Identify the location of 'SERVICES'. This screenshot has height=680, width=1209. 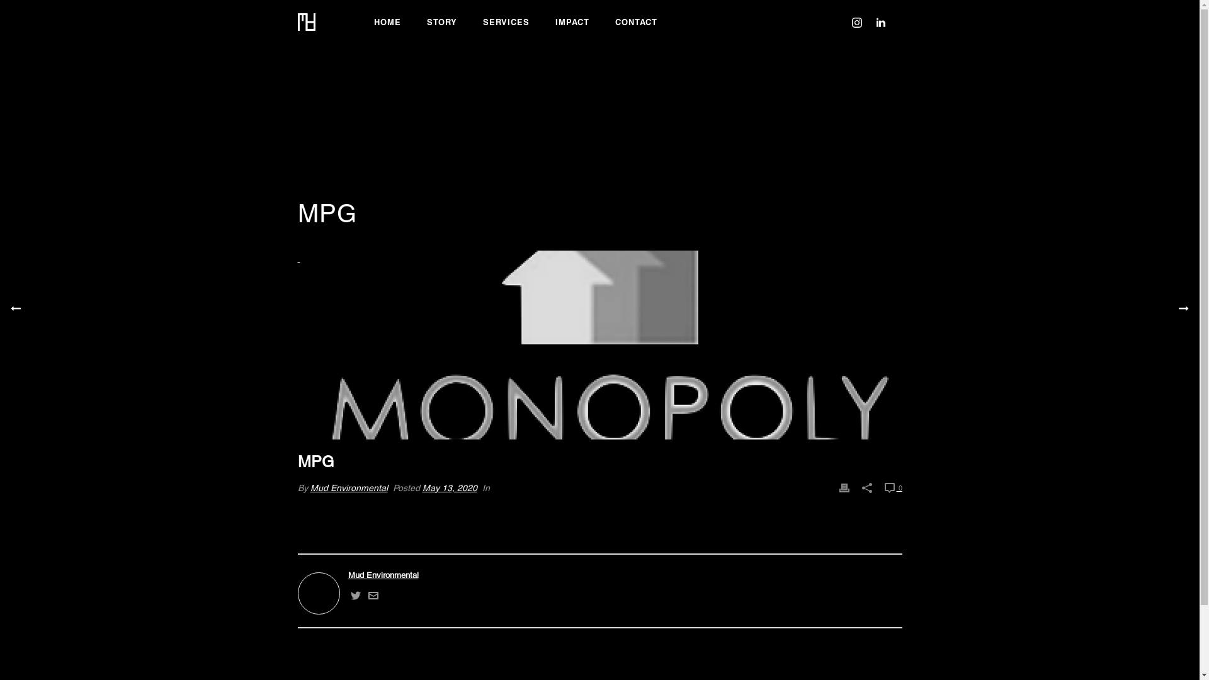
(468, 21).